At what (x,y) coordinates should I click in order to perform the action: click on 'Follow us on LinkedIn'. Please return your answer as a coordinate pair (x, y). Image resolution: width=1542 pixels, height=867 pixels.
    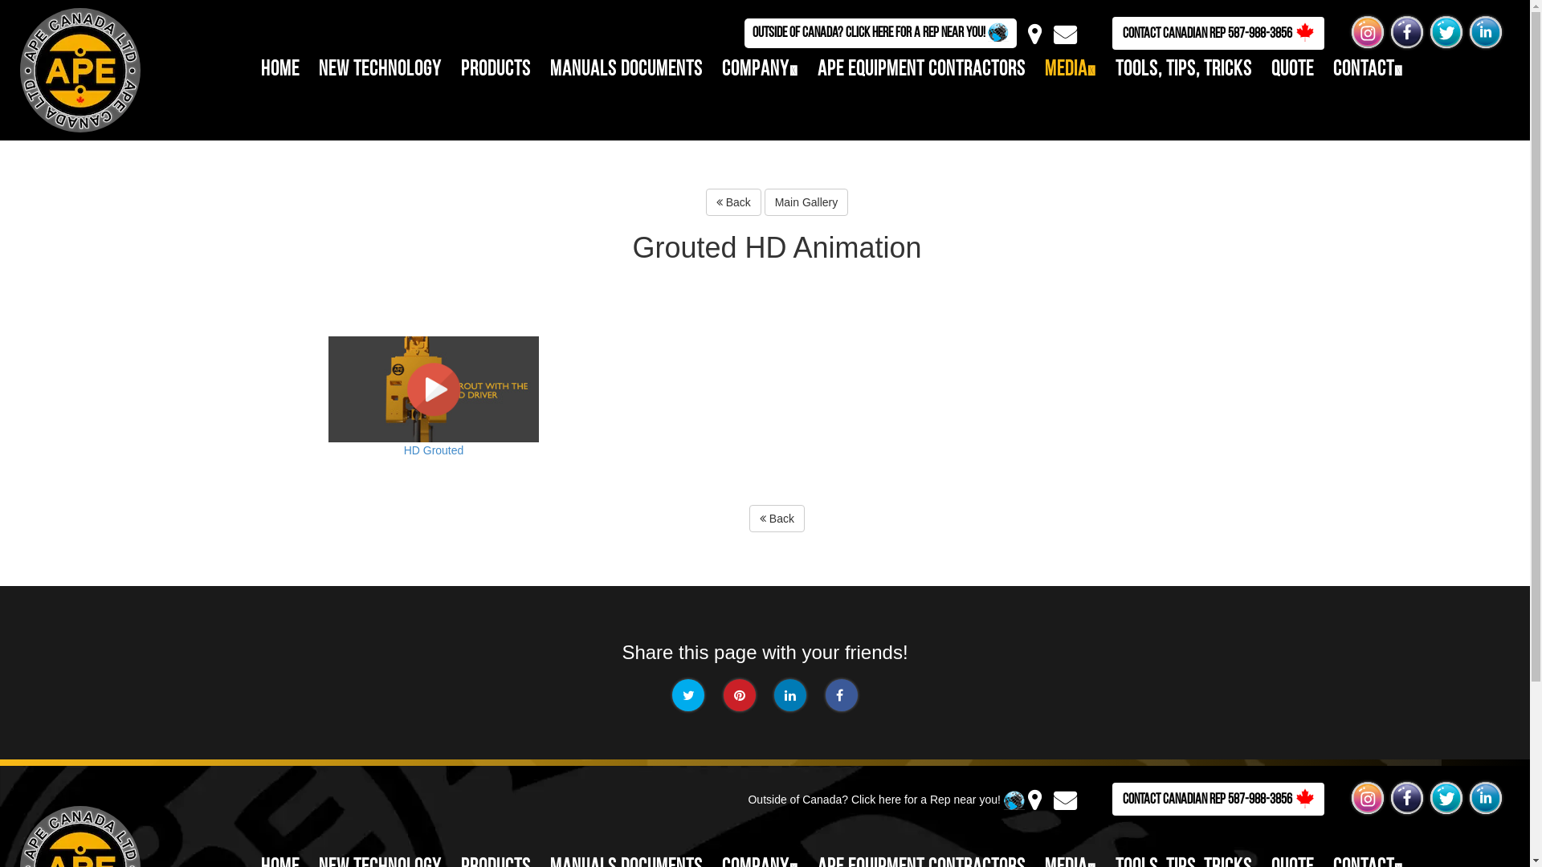
    Looking at the image, I should click on (1484, 31).